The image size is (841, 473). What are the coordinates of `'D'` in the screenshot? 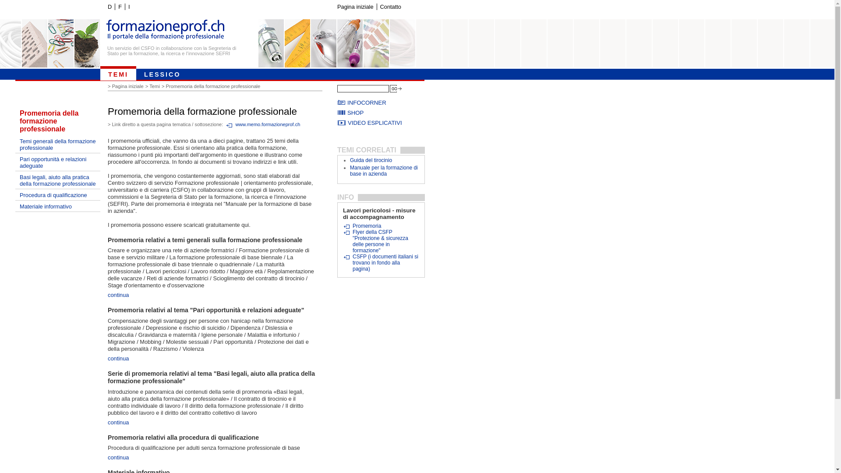 It's located at (104, 7).